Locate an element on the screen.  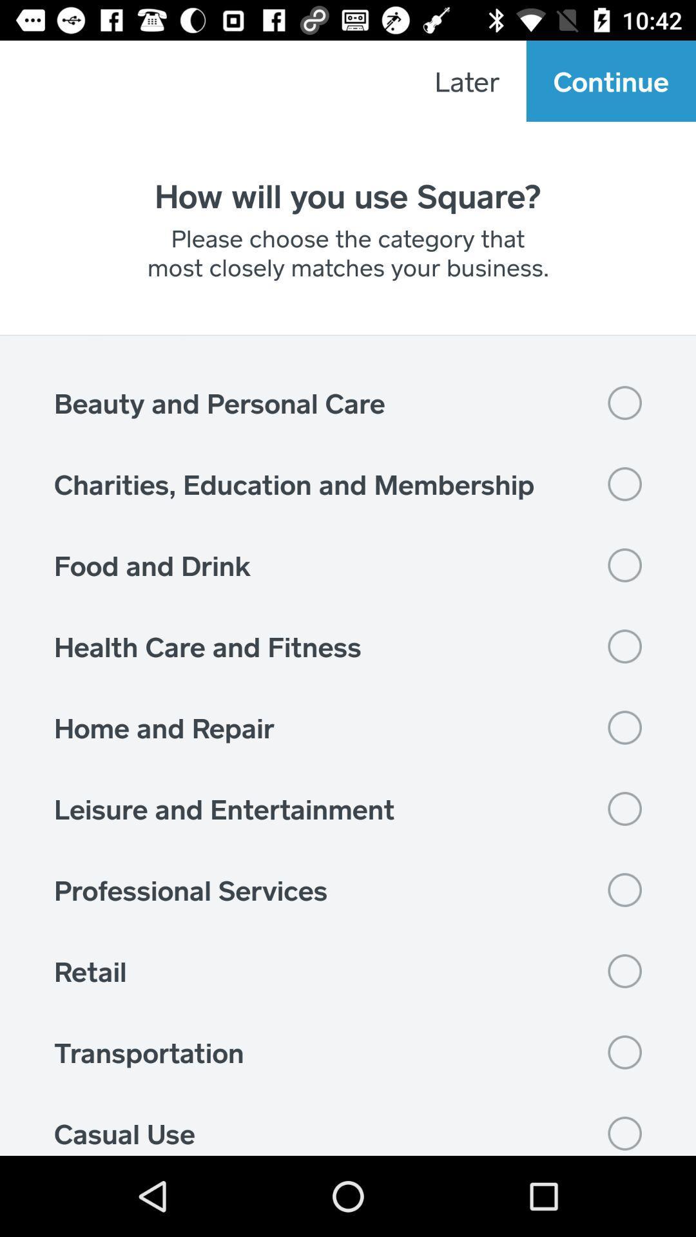
icon below home and repair item is located at coordinates (348, 808).